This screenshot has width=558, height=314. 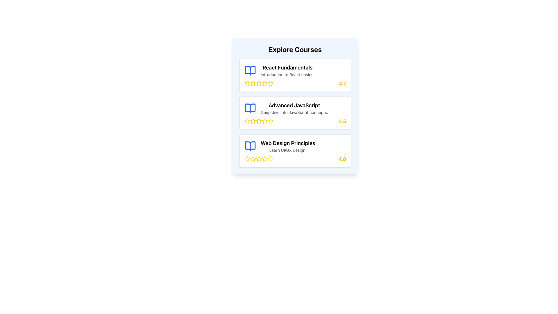 What do you see at coordinates (295, 113) in the screenshot?
I see `the course title in the structured list component located below the 'Explore Courses' title` at bounding box center [295, 113].